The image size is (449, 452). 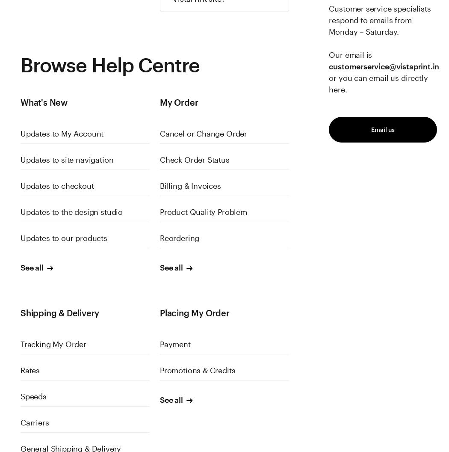 What do you see at coordinates (203, 134) in the screenshot?
I see `'Cancel or Change Order'` at bounding box center [203, 134].